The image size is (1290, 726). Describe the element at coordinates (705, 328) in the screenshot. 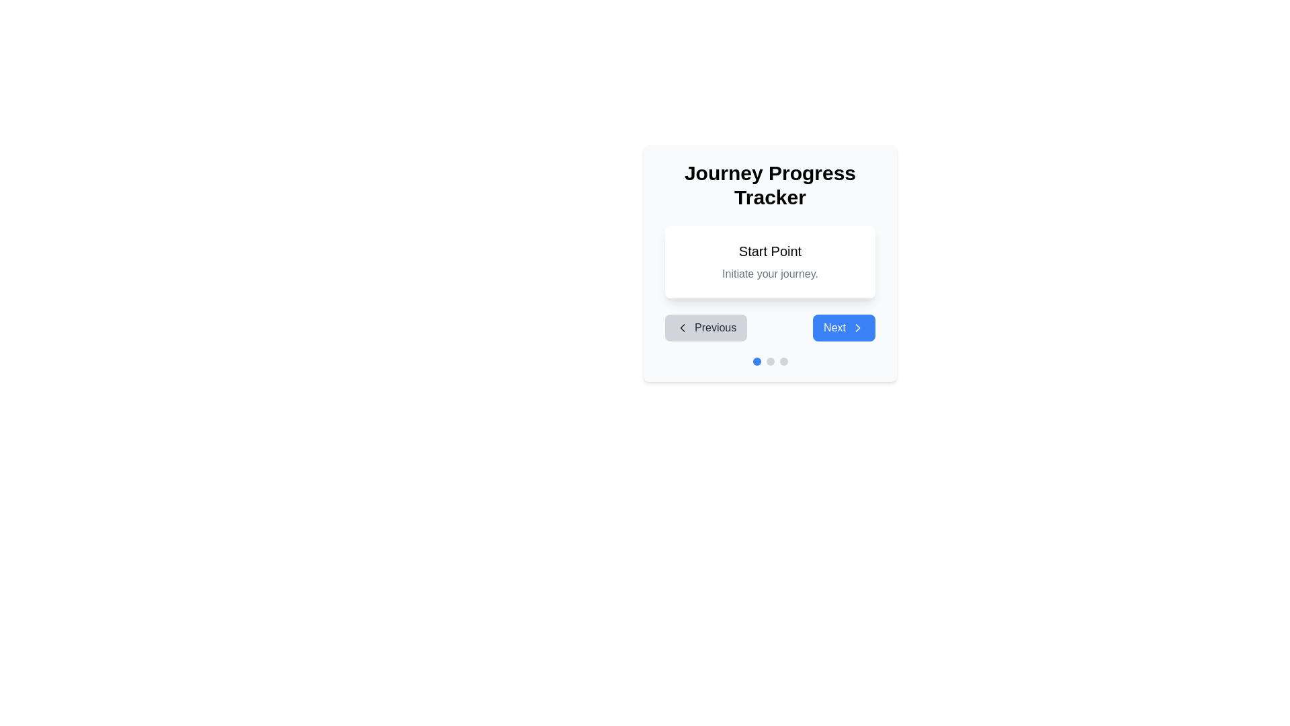

I see `the leftmost button in the 'Journey Progress Tracker' modal` at that location.